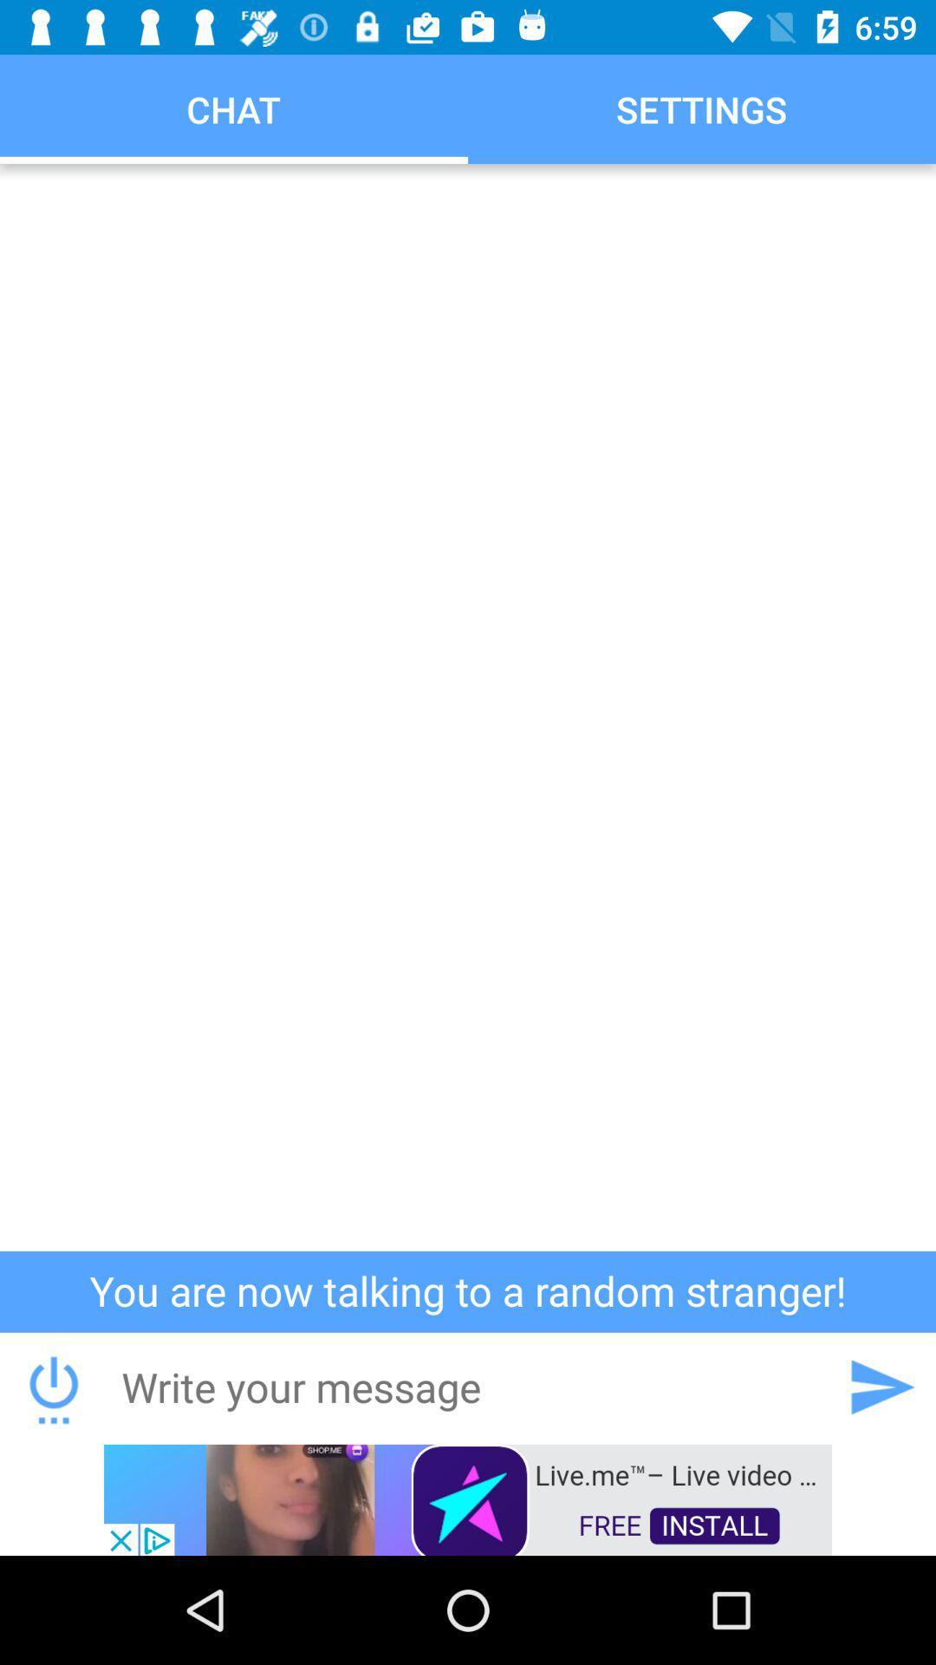  What do you see at coordinates (881, 1386) in the screenshot?
I see `send message icon` at bounding box center [881, 1386].